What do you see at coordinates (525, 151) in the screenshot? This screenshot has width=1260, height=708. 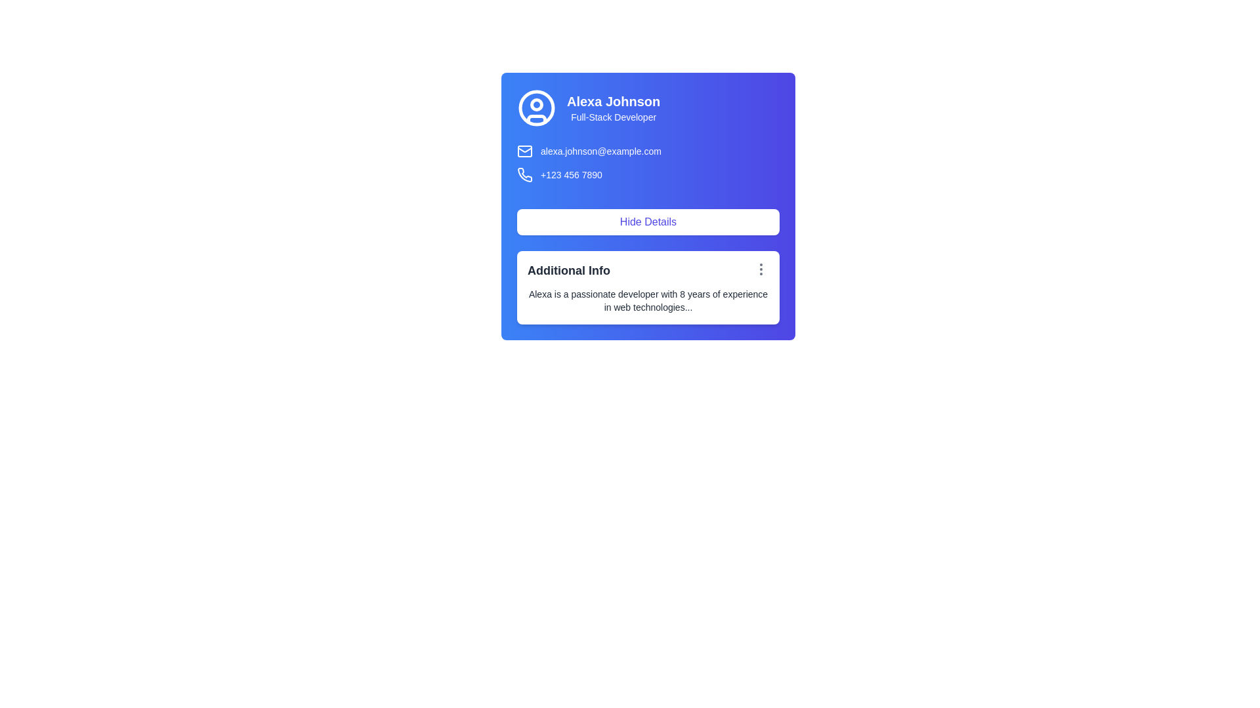 I see `the envelope icon representing the body of the mail envelope` at bounding box center [525, 151].